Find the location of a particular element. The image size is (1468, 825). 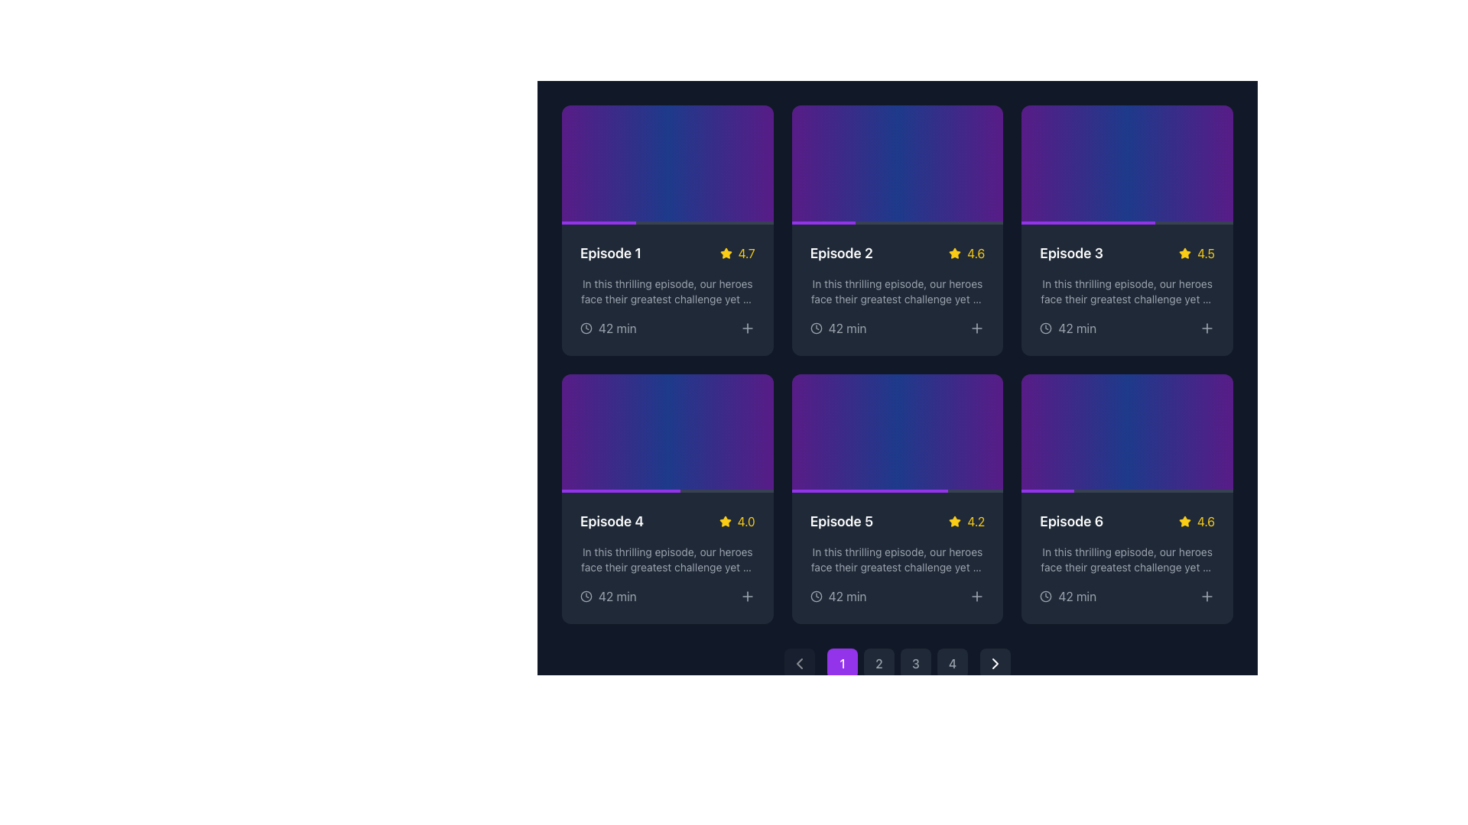

the circular button displaying the number '3' in light gray font, located in the pagination controls at the bottom center of the interface is located at coordinates (916, 662).